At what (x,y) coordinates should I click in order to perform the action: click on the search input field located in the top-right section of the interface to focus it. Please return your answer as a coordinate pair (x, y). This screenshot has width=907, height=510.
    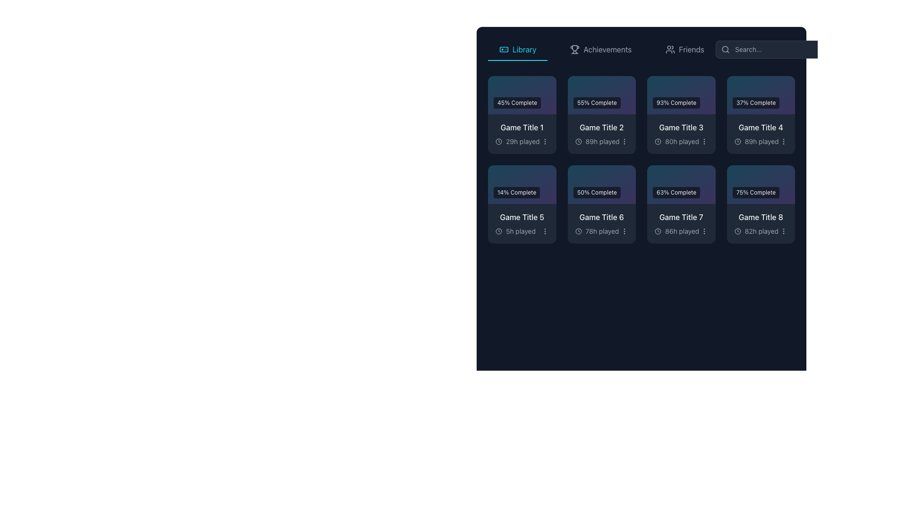
    Looking at the image, I should click on (776, 49).